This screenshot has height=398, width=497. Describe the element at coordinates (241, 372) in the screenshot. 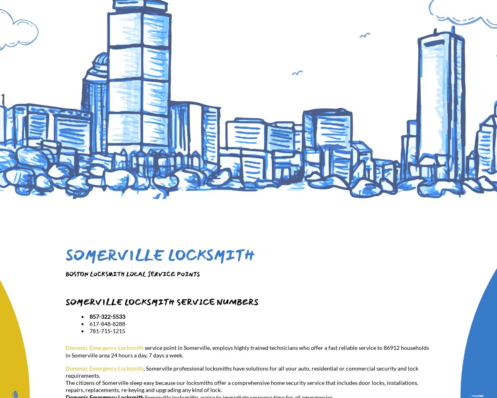

I see `',  Somerville professional locksmiths have solutions for all your auto, residential or commercial security and lock requirements.'` at that location.